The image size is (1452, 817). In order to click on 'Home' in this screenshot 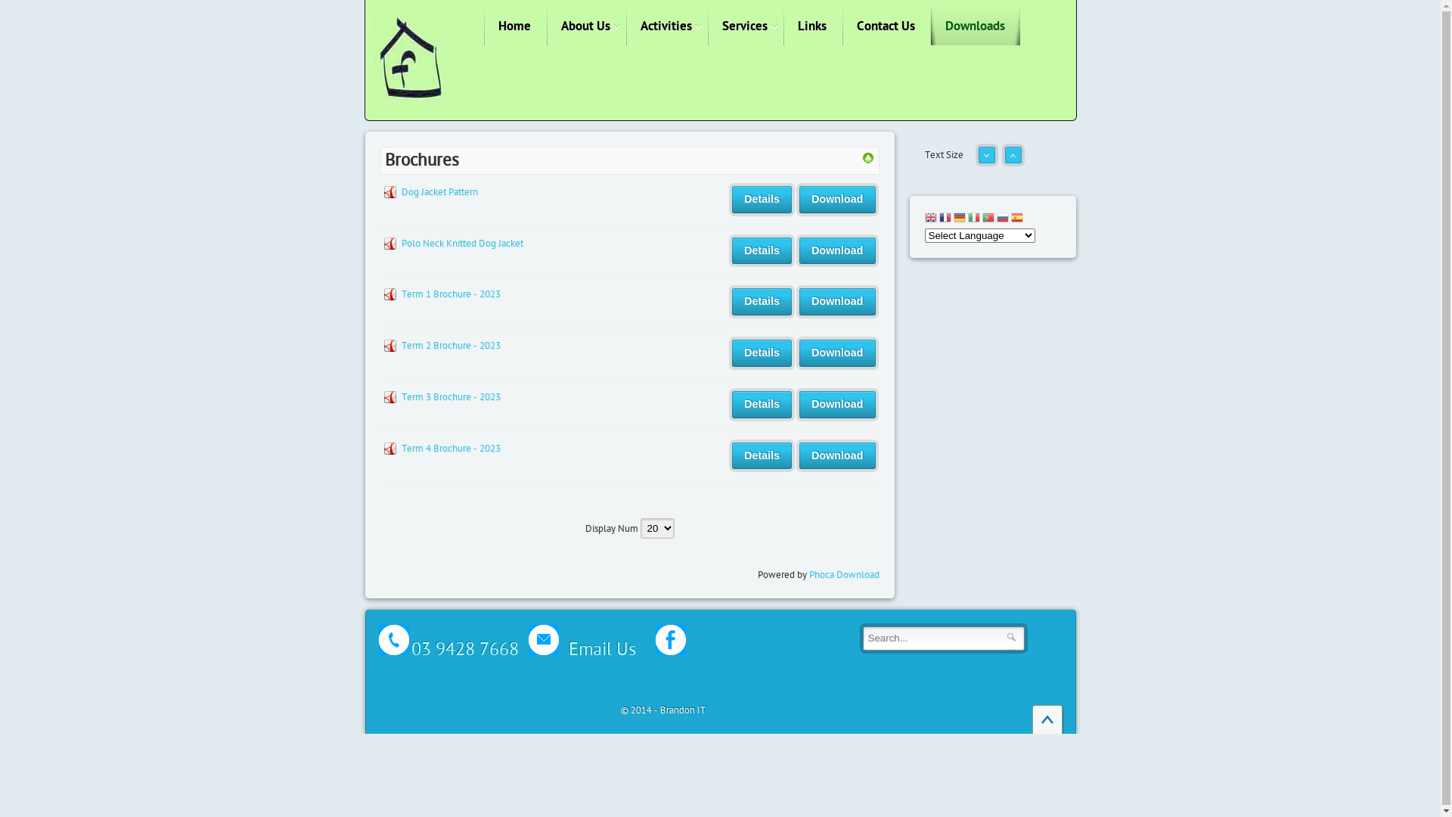, I will do `click(482, 26)`.